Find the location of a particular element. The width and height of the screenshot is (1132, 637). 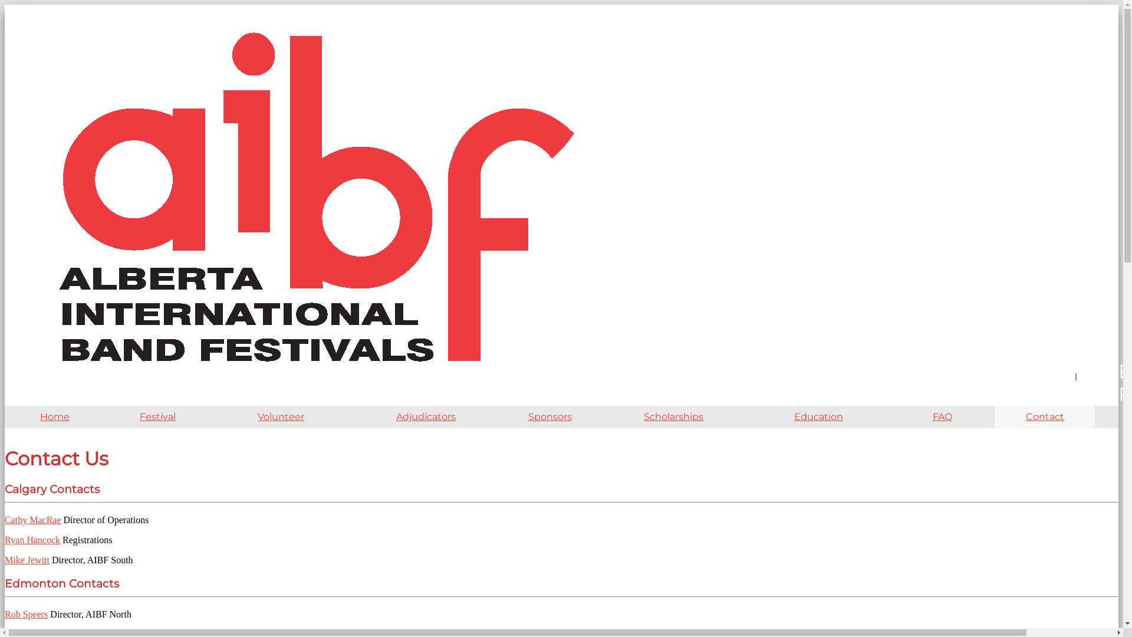

'Ryan Hancock' is located at coordinates (5, 540).